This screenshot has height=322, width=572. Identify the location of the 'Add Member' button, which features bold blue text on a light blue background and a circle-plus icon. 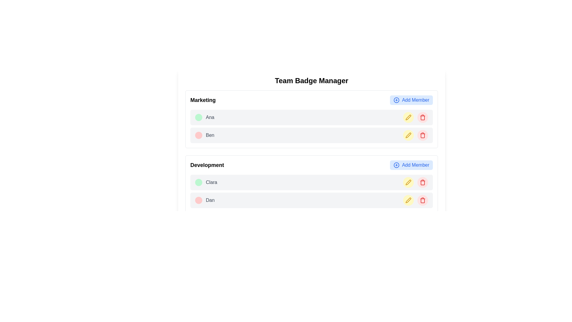
(411, 165).